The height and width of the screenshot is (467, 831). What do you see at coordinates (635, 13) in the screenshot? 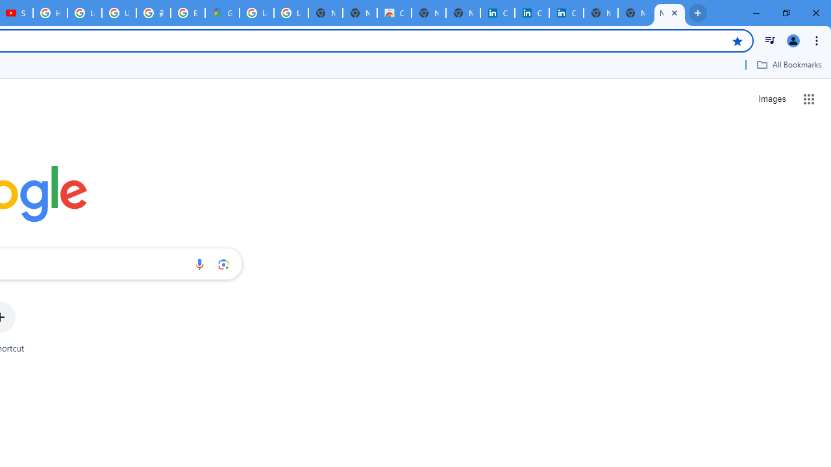
I see `'New Tab'` at bounding box center [635, 13].